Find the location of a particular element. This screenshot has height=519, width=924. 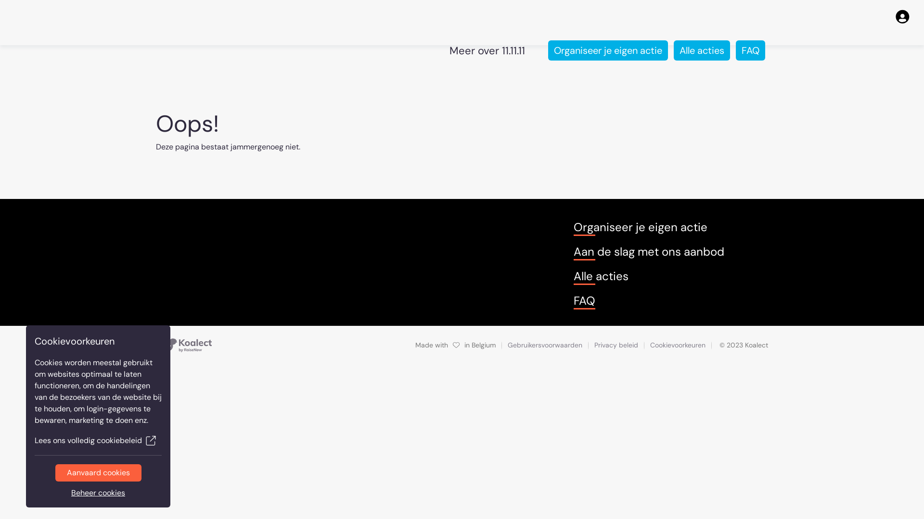

'Meer over 11.11.11' is located at coordinates (487, 50).